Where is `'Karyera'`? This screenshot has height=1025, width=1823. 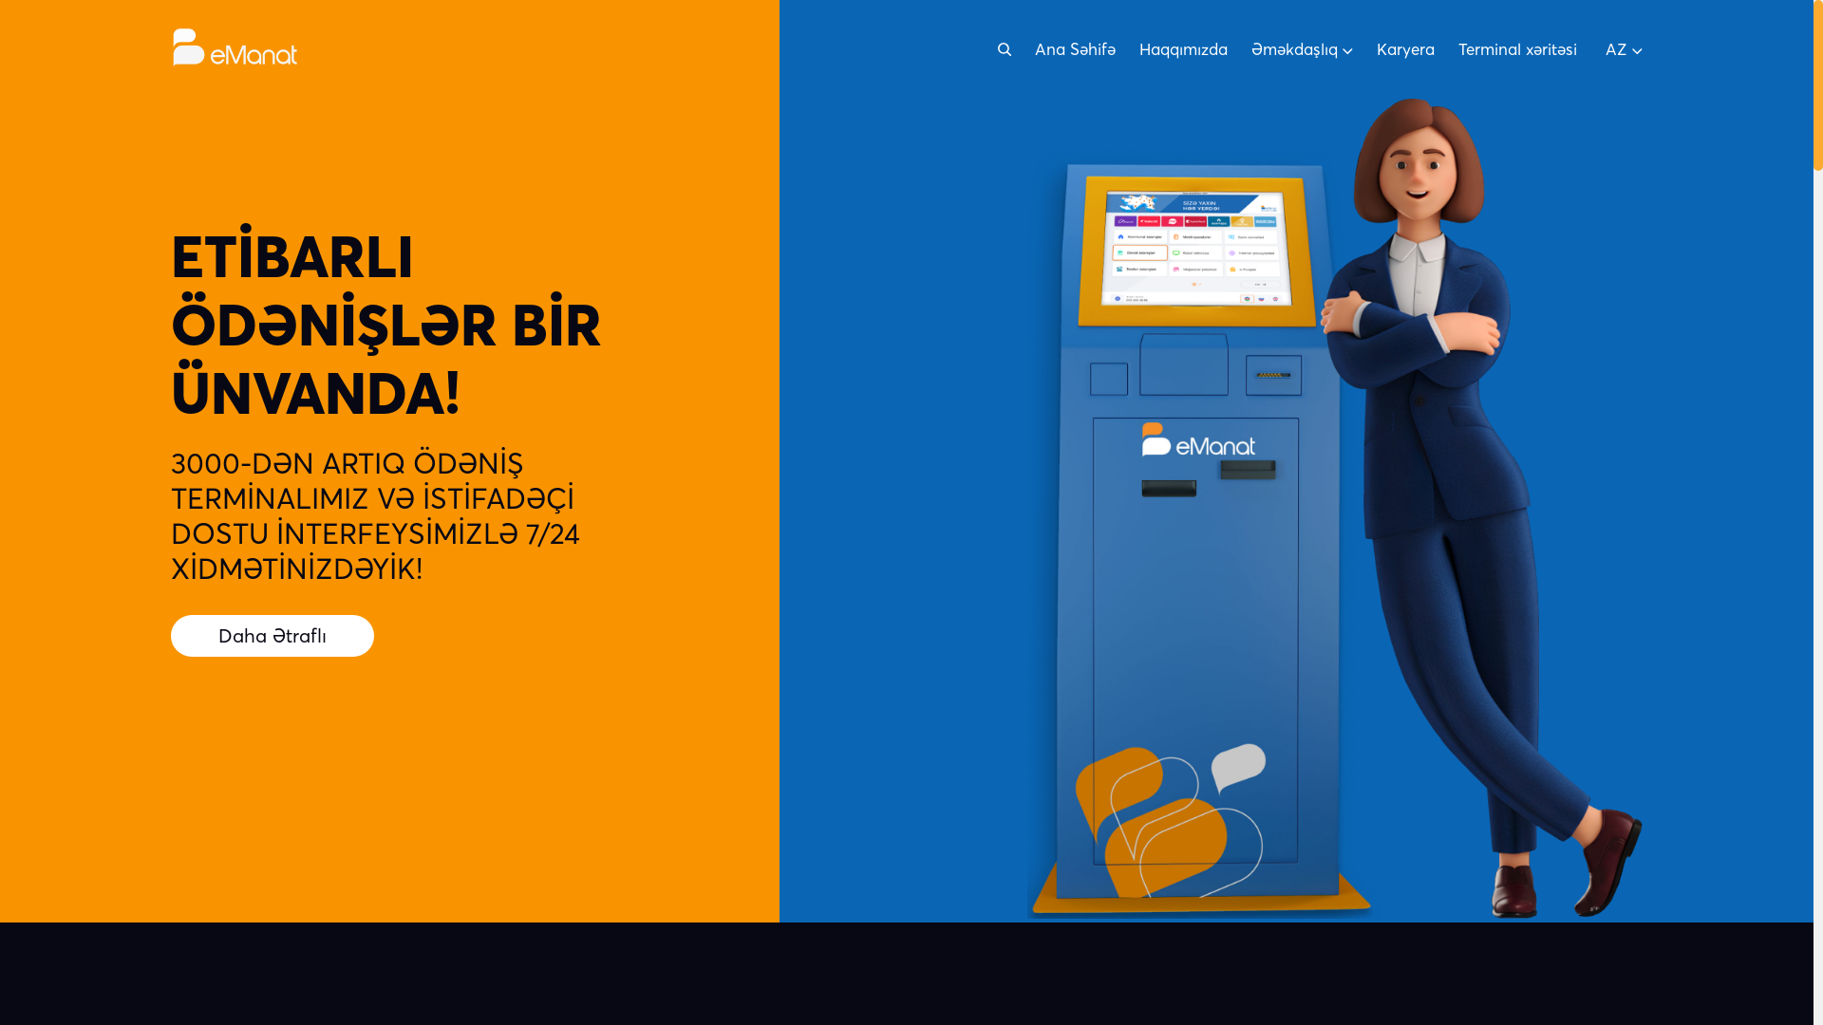
'Karyera' is located at coordinates (1405, 48).